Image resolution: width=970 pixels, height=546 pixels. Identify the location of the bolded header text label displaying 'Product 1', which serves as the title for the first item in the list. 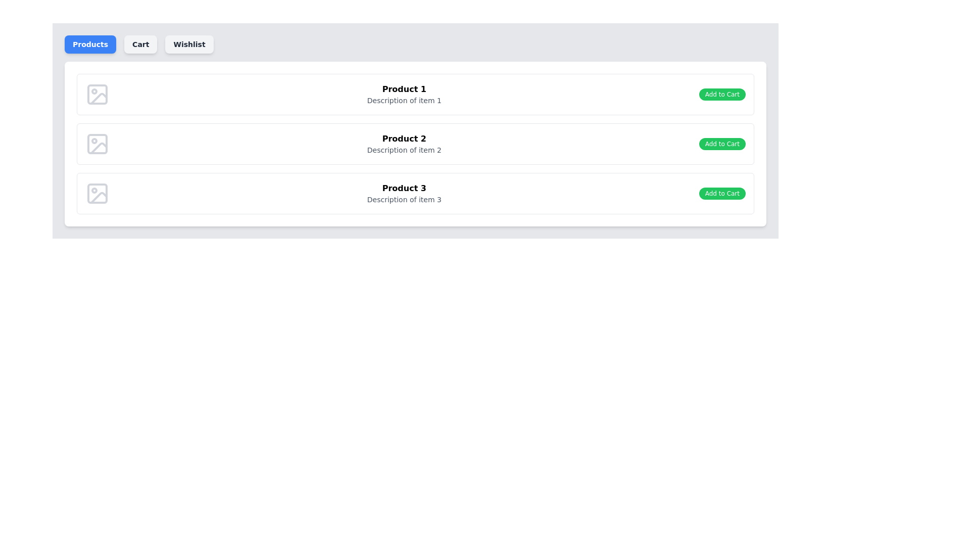
(404, 89).